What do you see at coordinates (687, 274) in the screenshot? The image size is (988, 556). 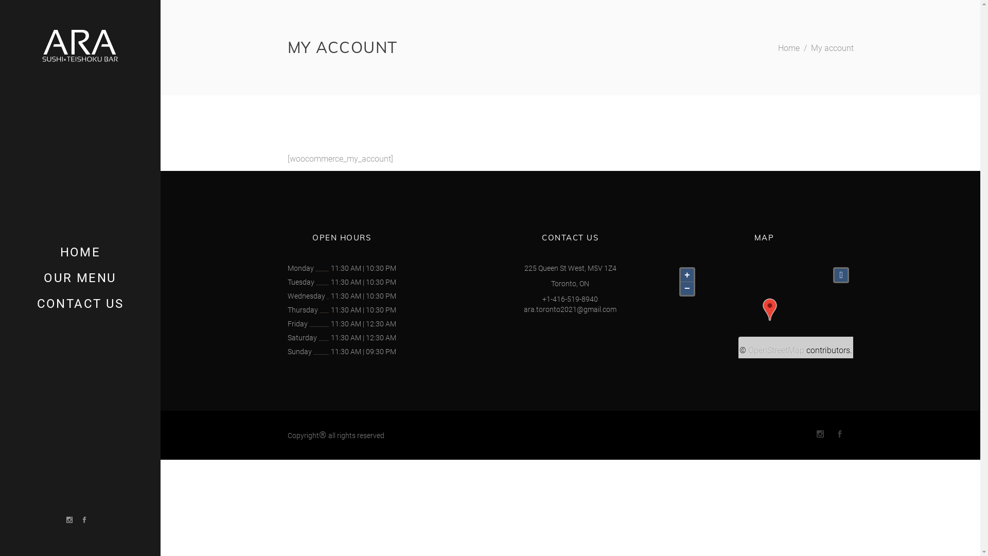 I see `'+'` at bounding box center [687, 274].